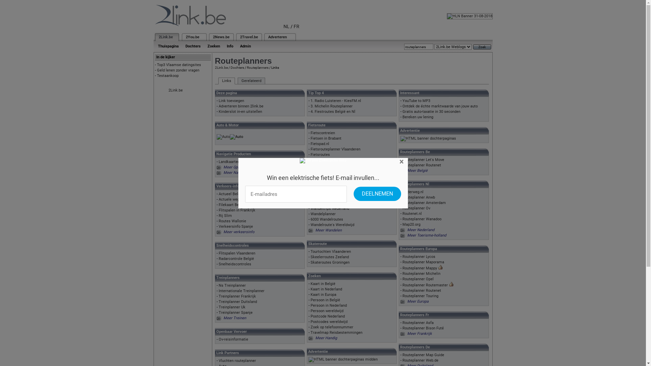 This screenshot has height=366, width=651. I want to click on 'Admin', so click(245, 46).